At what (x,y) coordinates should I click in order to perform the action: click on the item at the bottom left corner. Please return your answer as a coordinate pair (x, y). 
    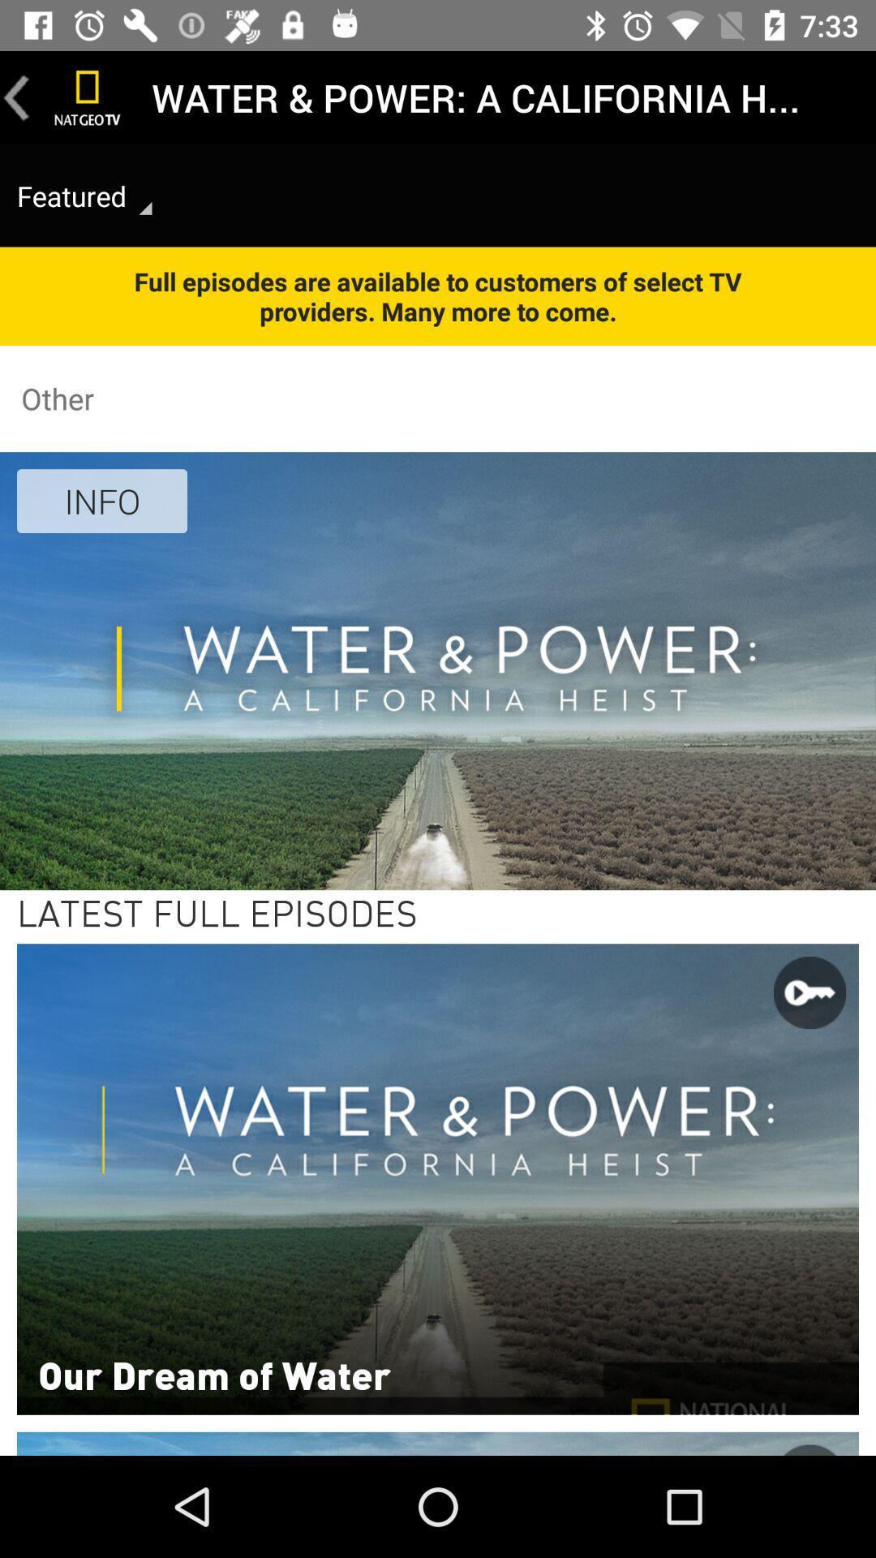
    Looking at the image, I should click on (213, 1373).